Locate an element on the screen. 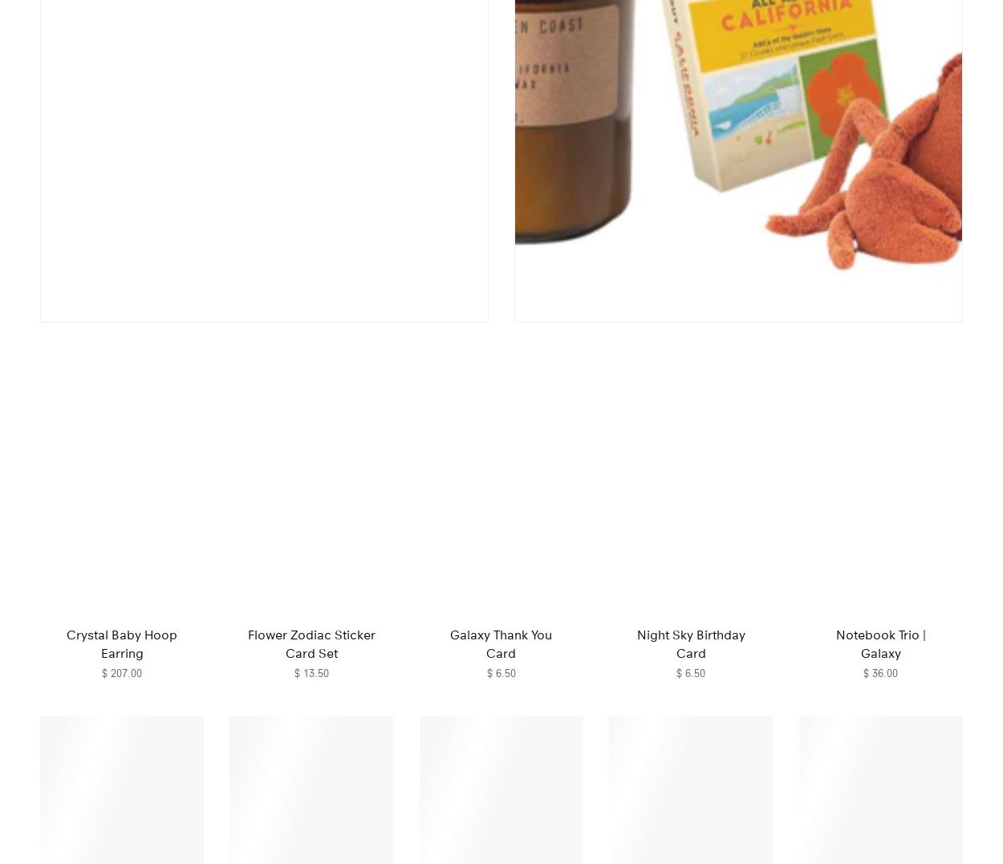 Image resolution: width=1003 pixels, height=864 pixels. 'Galaxy Thank You Card' is located at coordinates (500, 643).